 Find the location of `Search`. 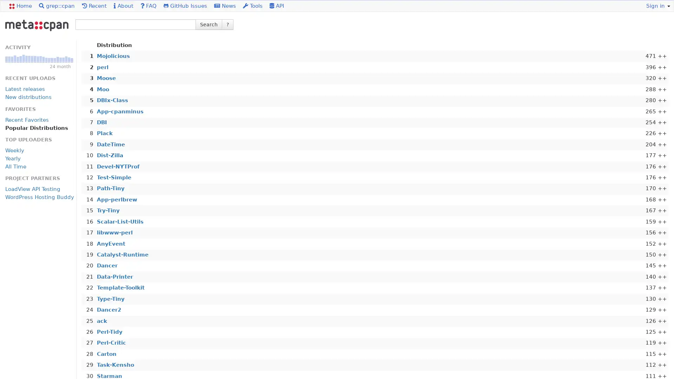

Search is located at coordinates (209, 24).